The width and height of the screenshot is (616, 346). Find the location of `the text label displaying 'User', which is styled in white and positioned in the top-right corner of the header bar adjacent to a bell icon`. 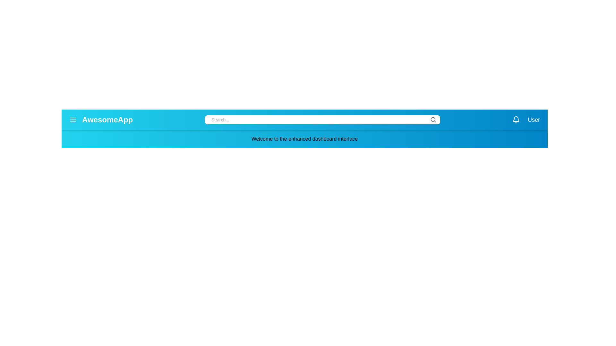

the text label displaying 'User', which is styled in white and positioned in the top-right corner of the header bar adjacent to a bell icon is located at coordinates (534, 120).